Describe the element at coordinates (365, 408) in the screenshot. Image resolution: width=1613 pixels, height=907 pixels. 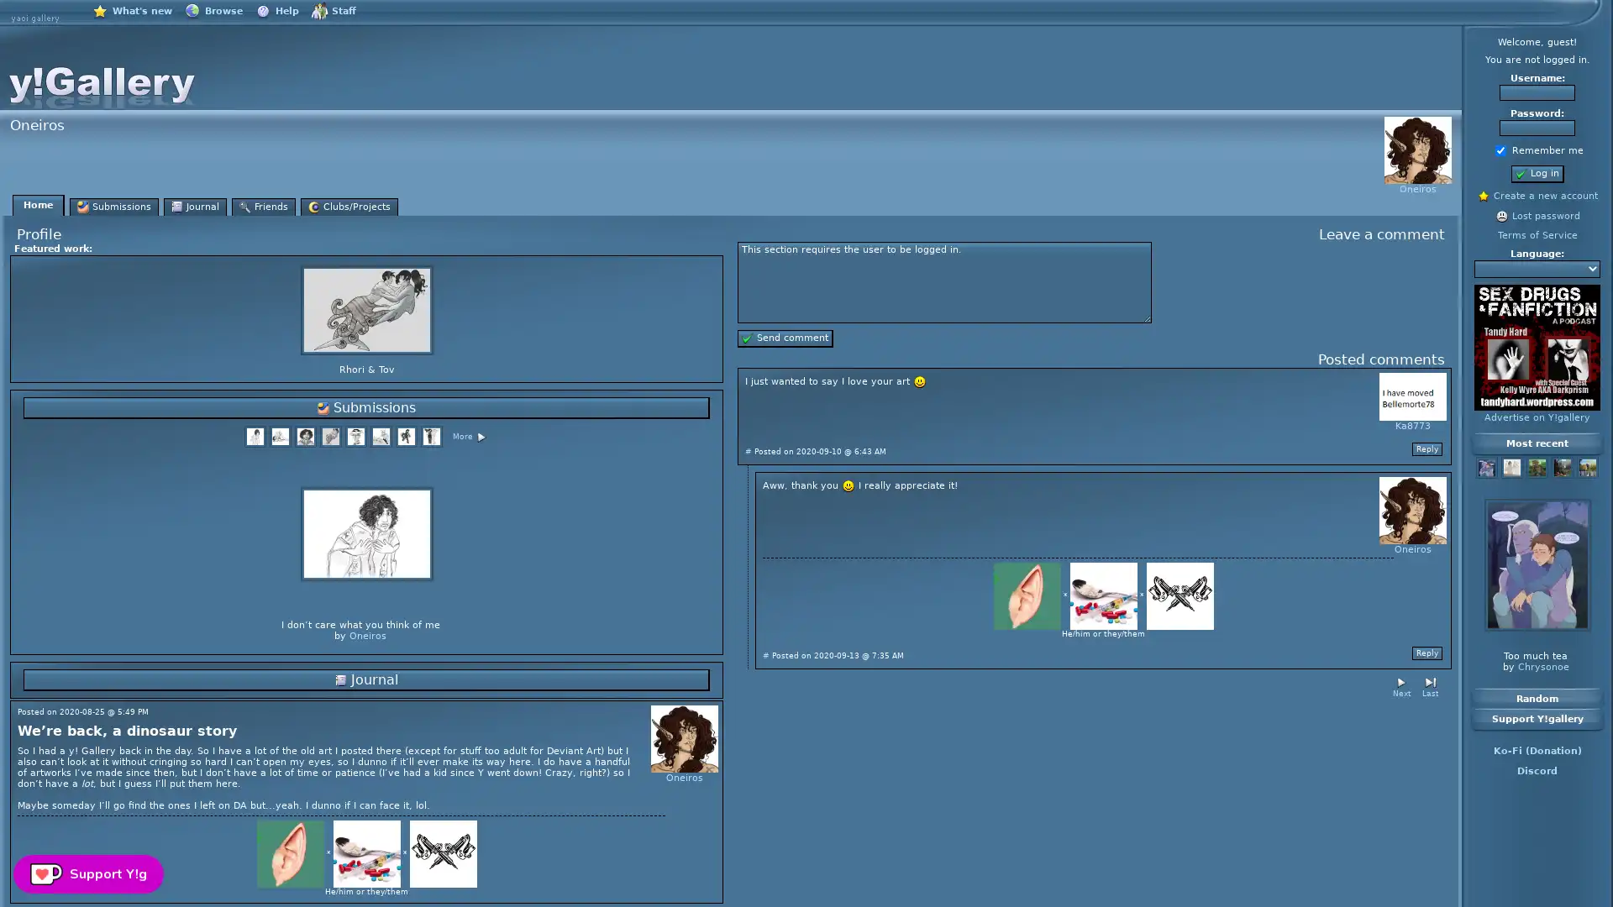
I see `Submissions` at that location.